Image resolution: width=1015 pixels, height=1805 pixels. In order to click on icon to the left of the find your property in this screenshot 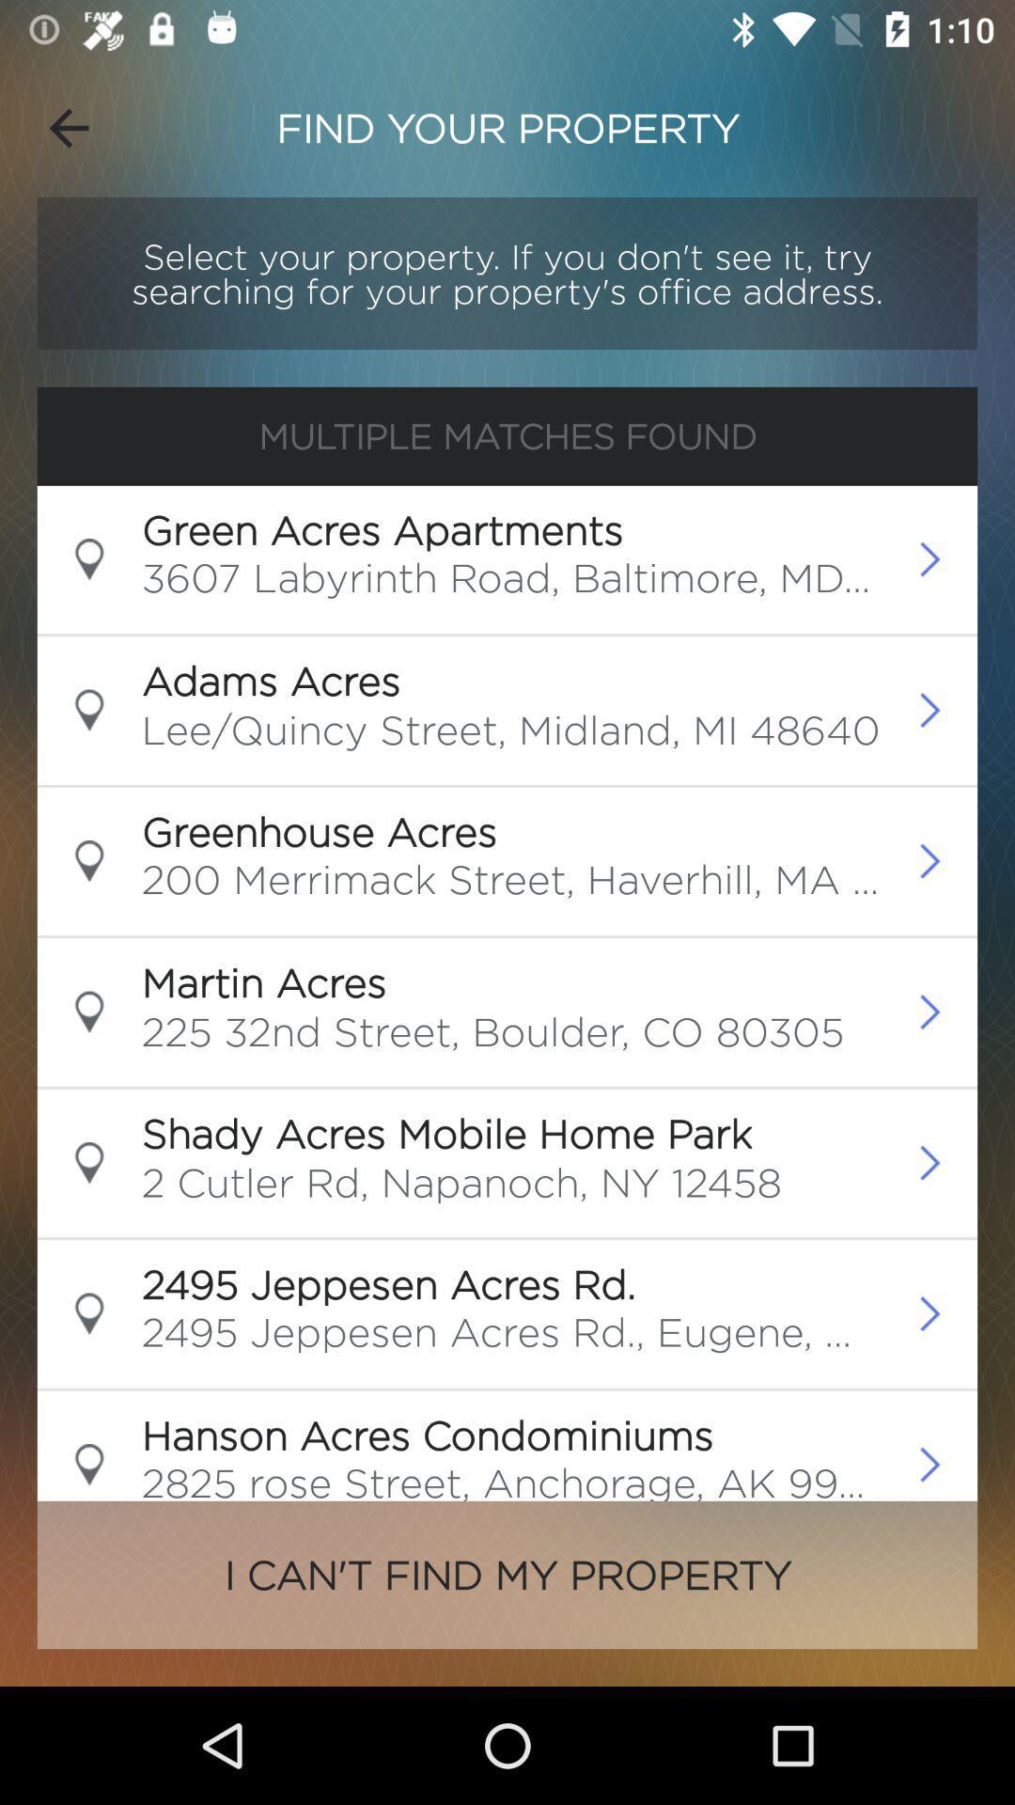, I will do `click(68, 127)`.